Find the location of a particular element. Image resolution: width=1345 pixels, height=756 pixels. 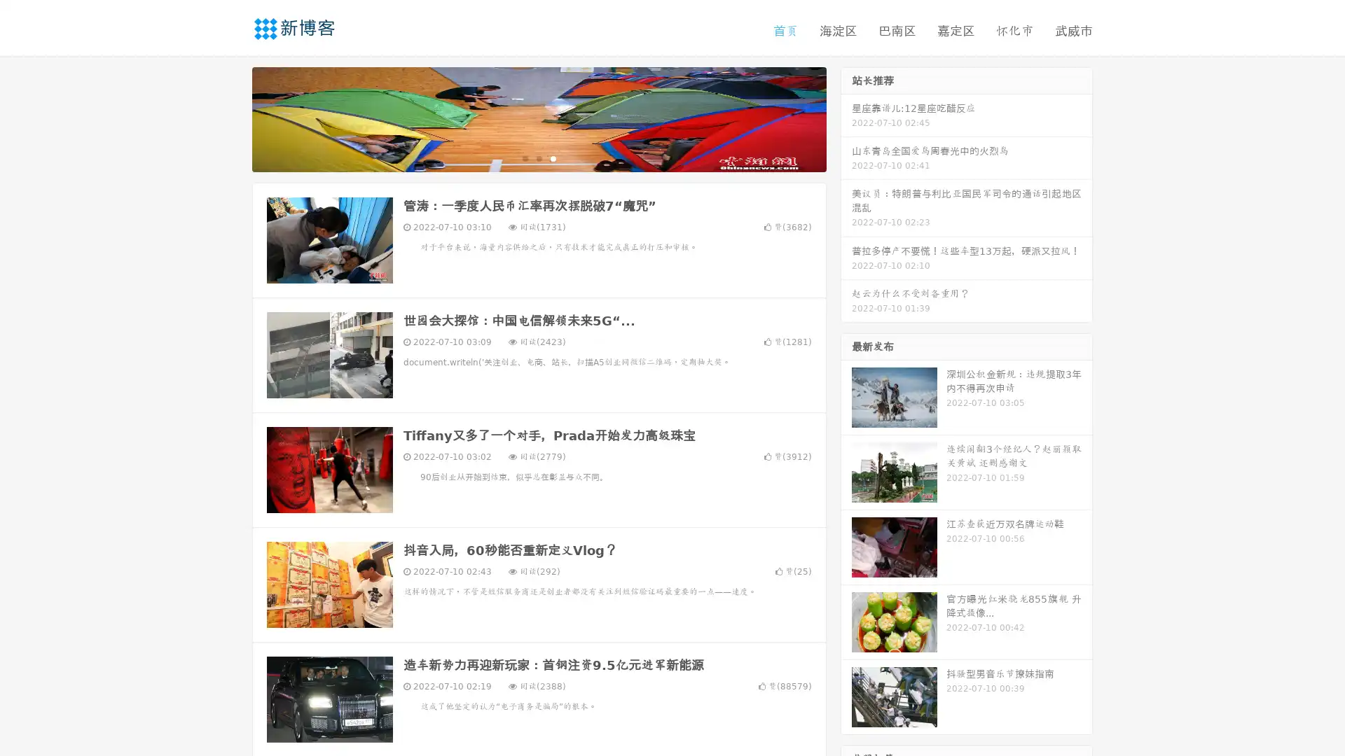

Go to slide 1 is located at coordinates (524, 157).